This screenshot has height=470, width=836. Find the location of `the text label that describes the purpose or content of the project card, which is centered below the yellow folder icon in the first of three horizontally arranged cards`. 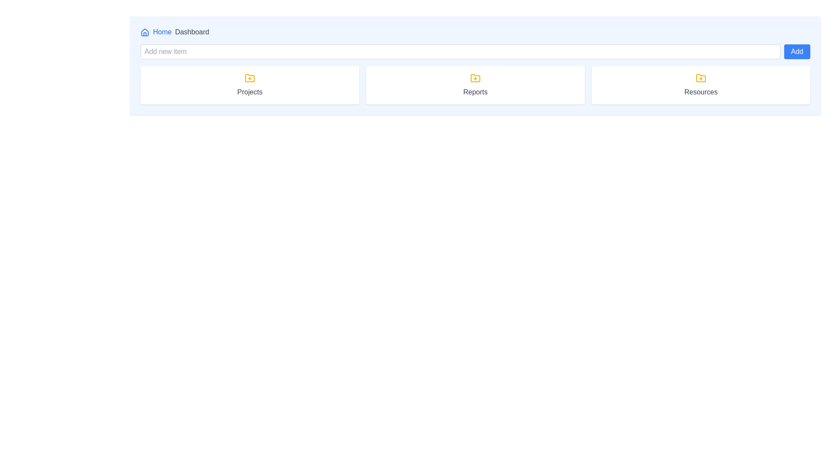

the text label that describes the purpose or content of the project card, which is centered below the yellow folder icon in the first of three horizontally arranged cards is located at coordinates (249, 92).